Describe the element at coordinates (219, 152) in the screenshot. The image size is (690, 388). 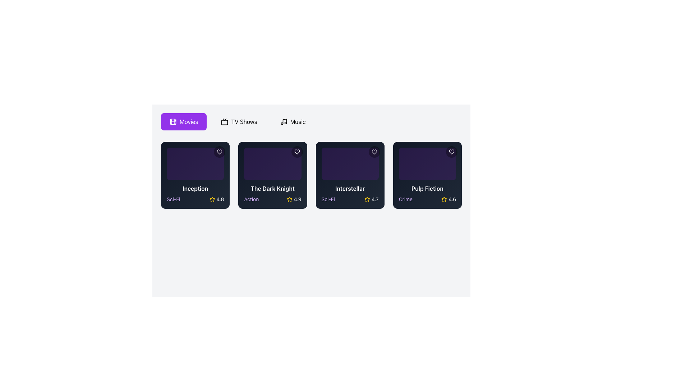
I see `the heart-shaped icon in the top-right corner of the 'Inception' movie card to trigger the tooltip or animation` at that location.